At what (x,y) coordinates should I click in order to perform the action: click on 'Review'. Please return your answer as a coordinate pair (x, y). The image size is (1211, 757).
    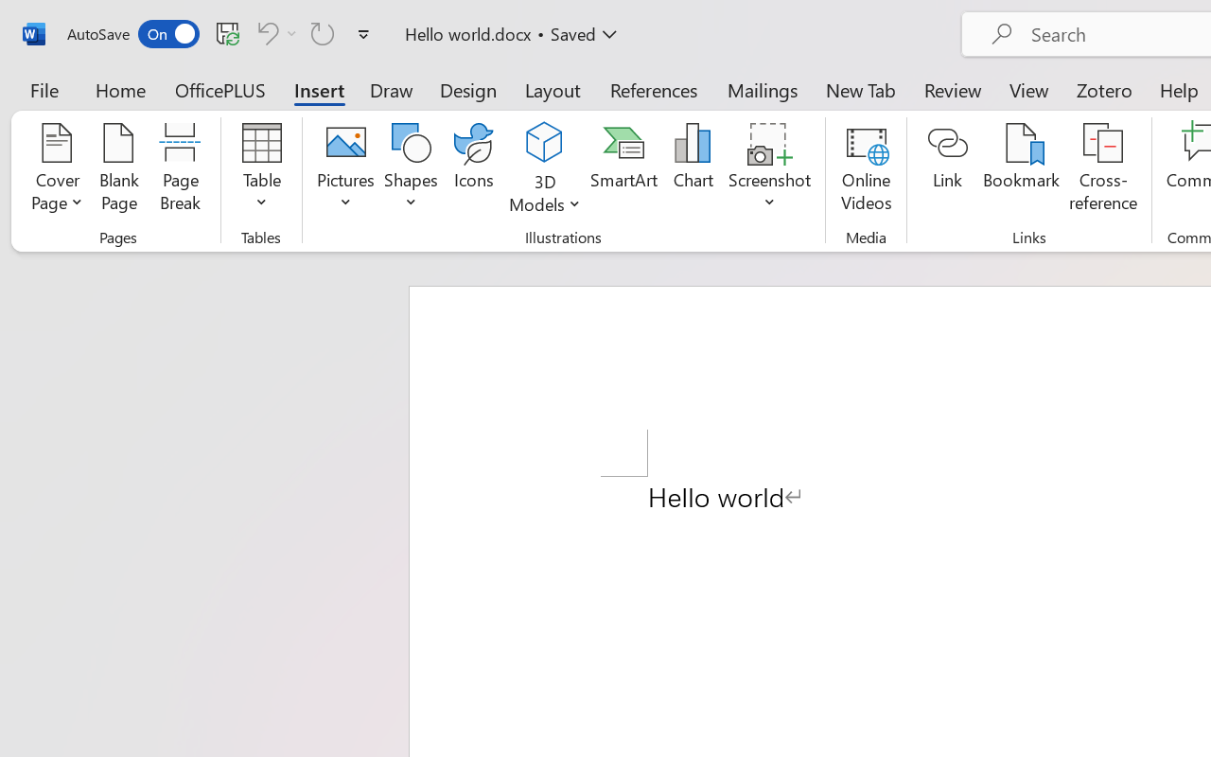
    Looking at the image, I should click on (953, 89).